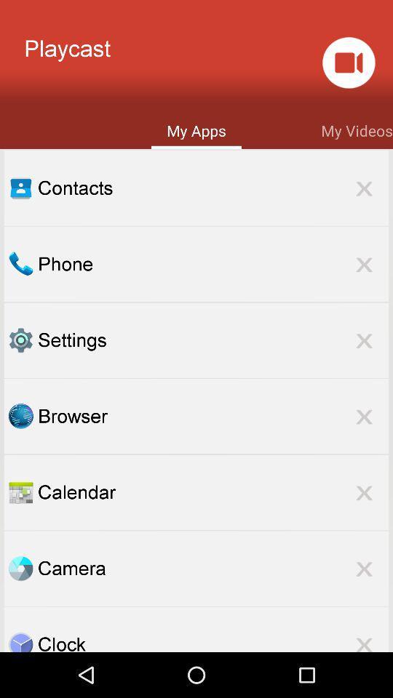  Describe the element at coordinates (356, 129) in the screenshot. I see `my videos icon` at that location.